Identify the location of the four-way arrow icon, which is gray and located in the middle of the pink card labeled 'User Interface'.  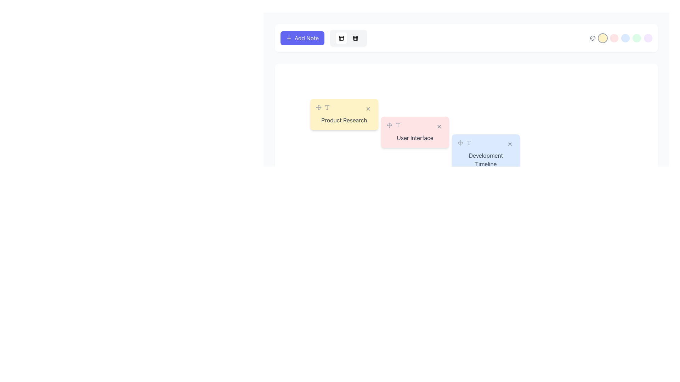
(389, 125).